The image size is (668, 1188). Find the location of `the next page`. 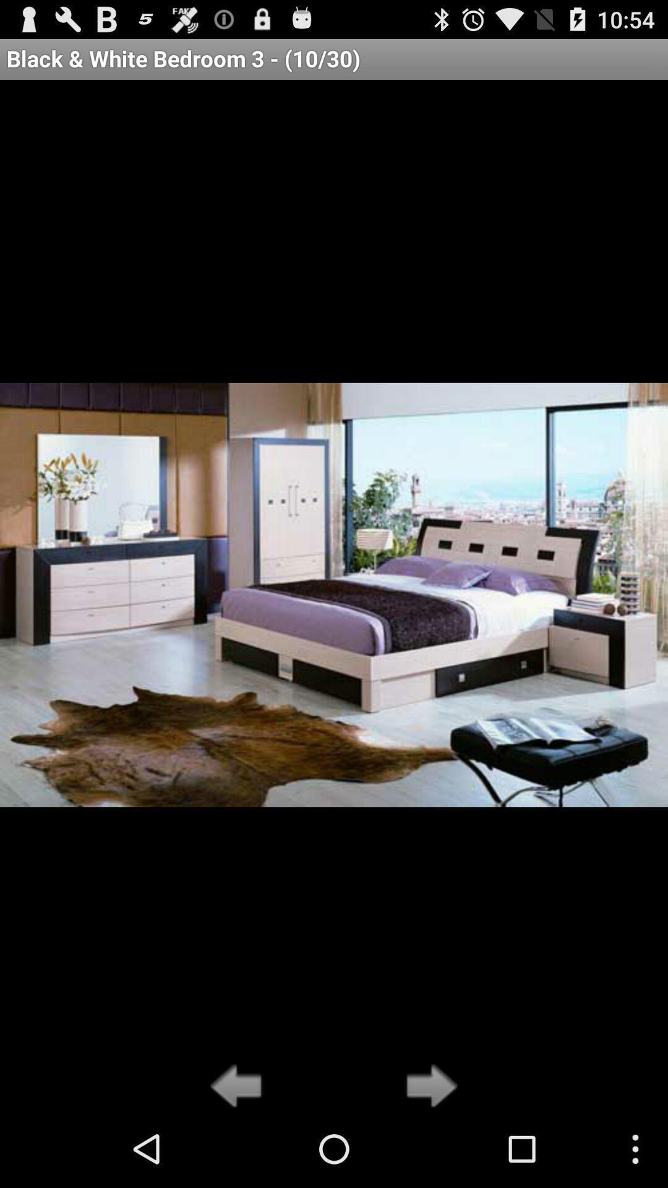

the next page is located at coordinates (427, 1087).